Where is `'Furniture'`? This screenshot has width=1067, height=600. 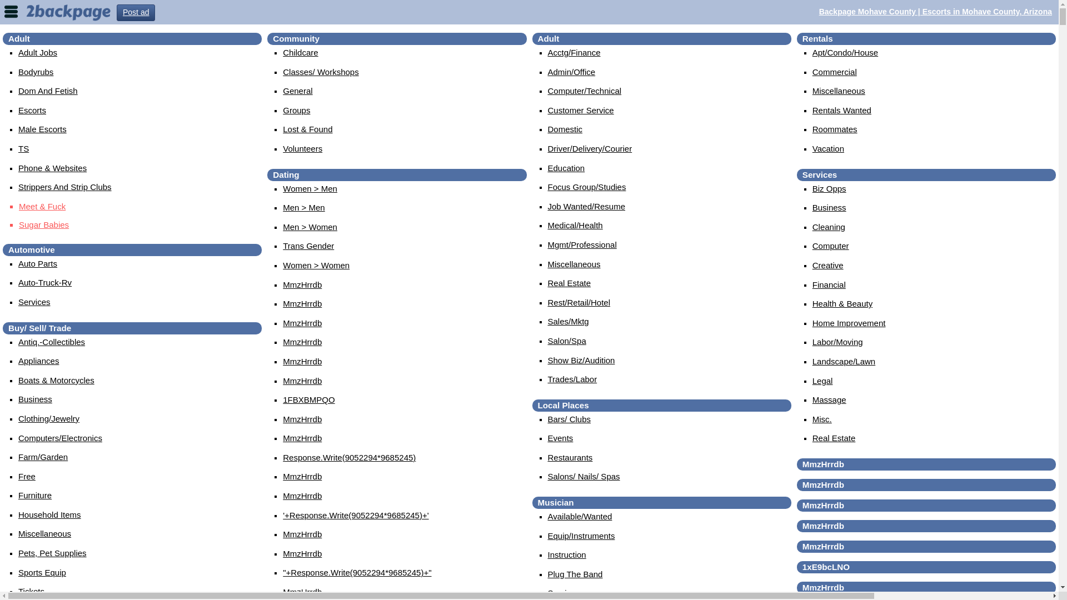
'Furniture' is located at coordinates (34, 494).